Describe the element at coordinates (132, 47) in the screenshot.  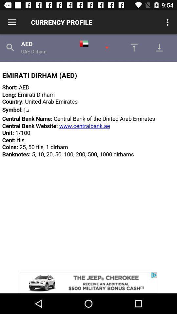
I see `previous button` at that location.